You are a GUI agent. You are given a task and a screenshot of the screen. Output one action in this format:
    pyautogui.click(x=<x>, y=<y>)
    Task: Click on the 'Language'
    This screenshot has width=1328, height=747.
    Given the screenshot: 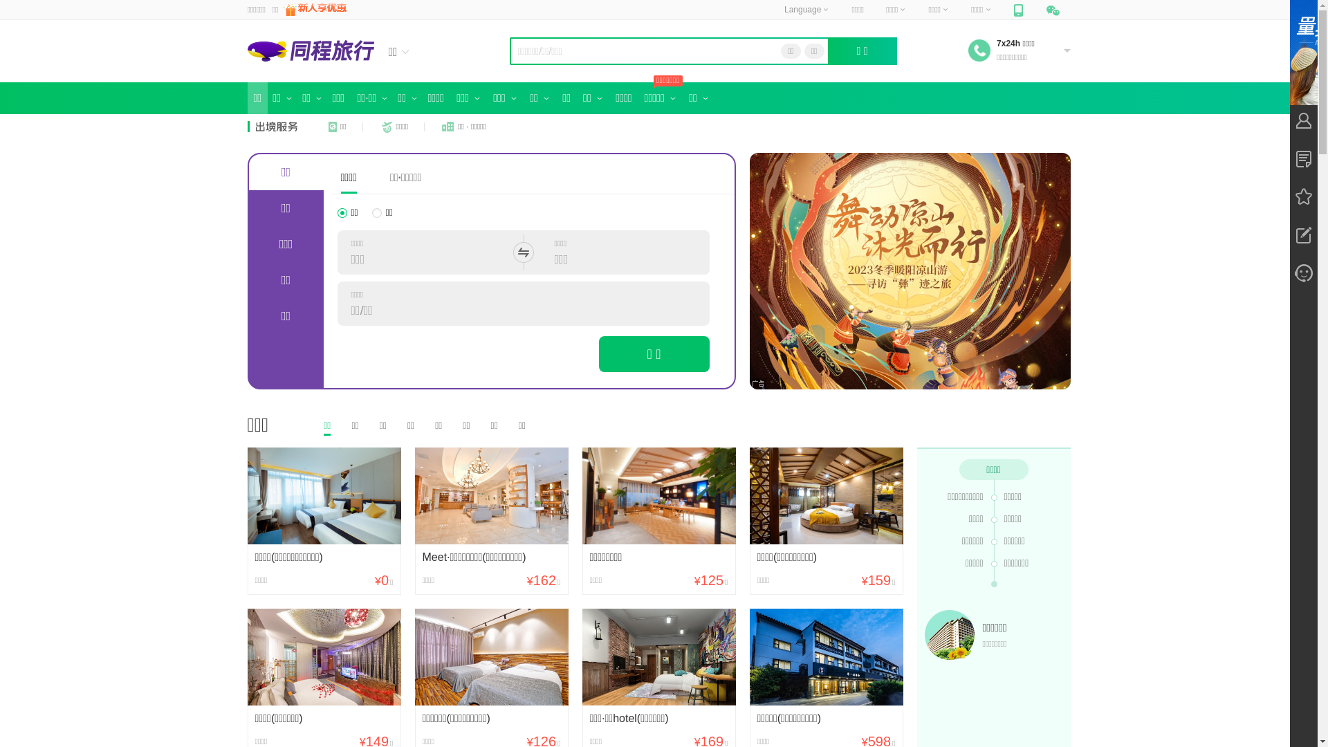 What is the action you would take?
    pyautogui.click(x=806, y=10)
    